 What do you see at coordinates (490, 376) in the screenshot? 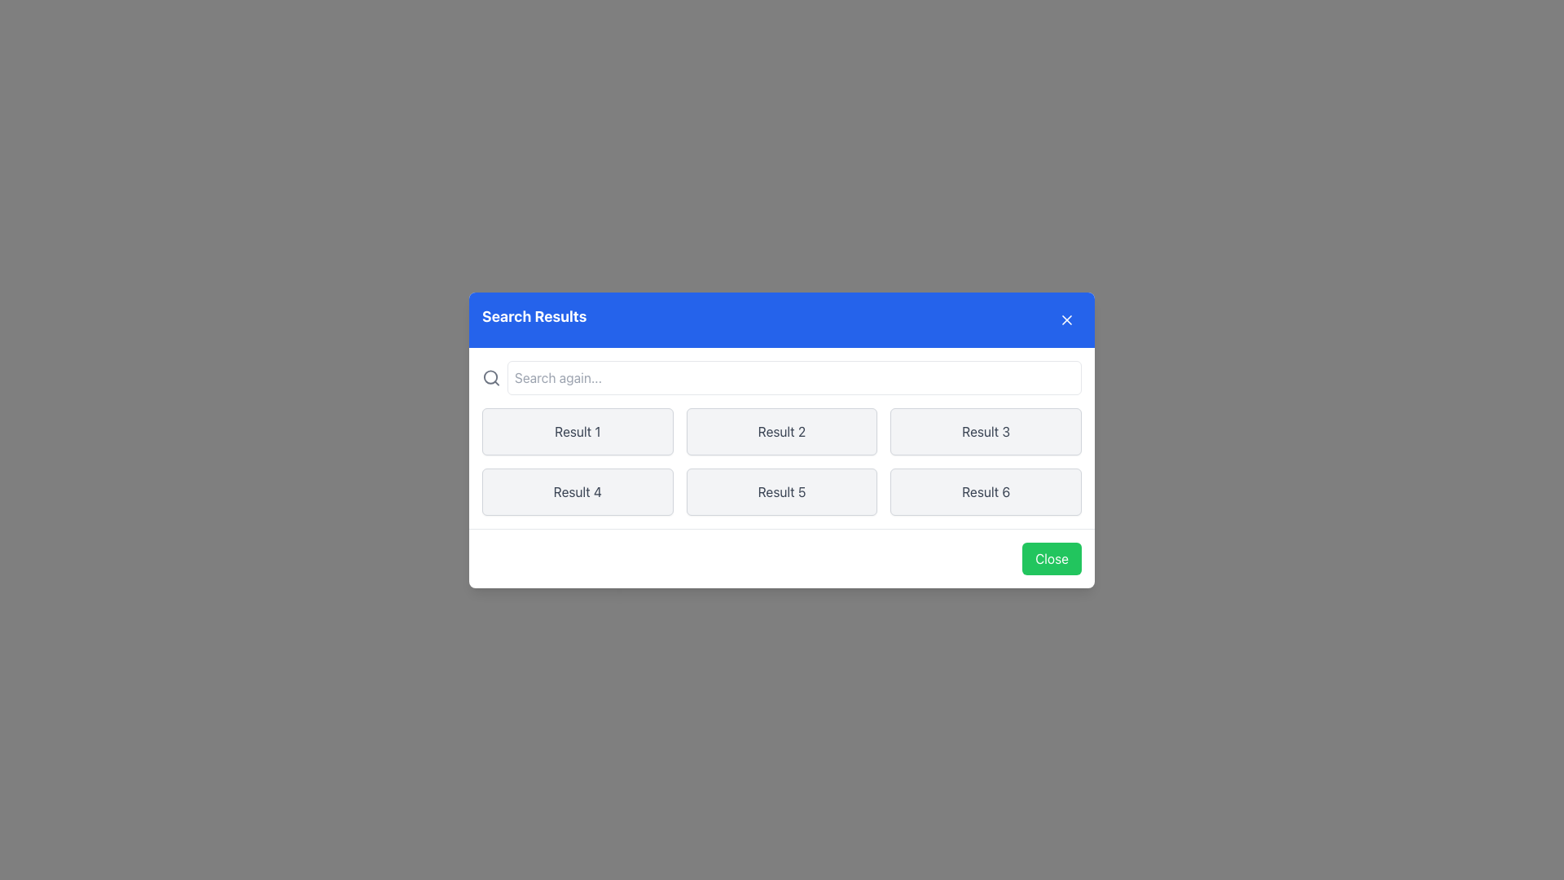
I see `the circular part of the search icon in the top left corner of the search bar` at bounding box center [490, 376].